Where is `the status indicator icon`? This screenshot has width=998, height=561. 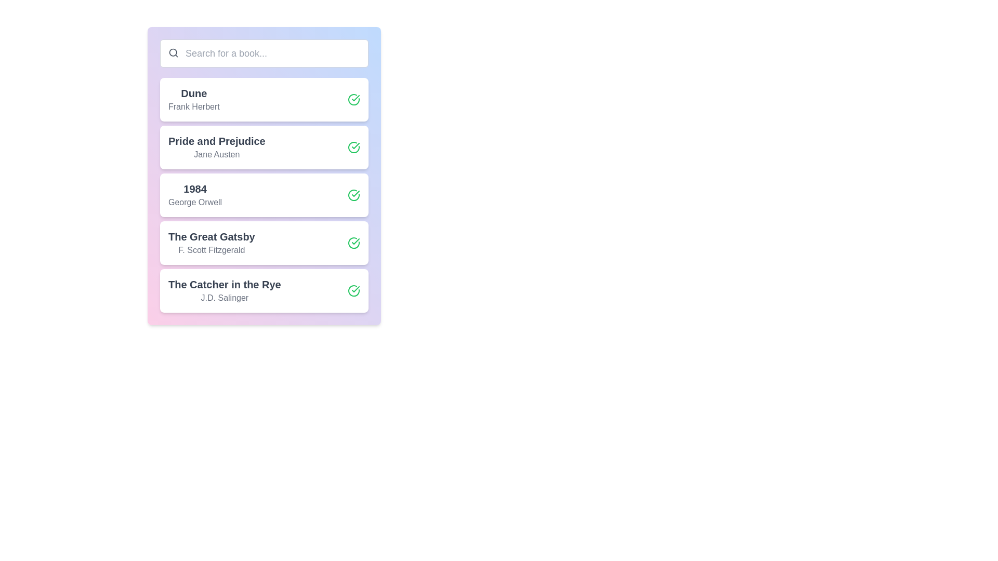 the status indicator icon is located at coordinates (354, 100).